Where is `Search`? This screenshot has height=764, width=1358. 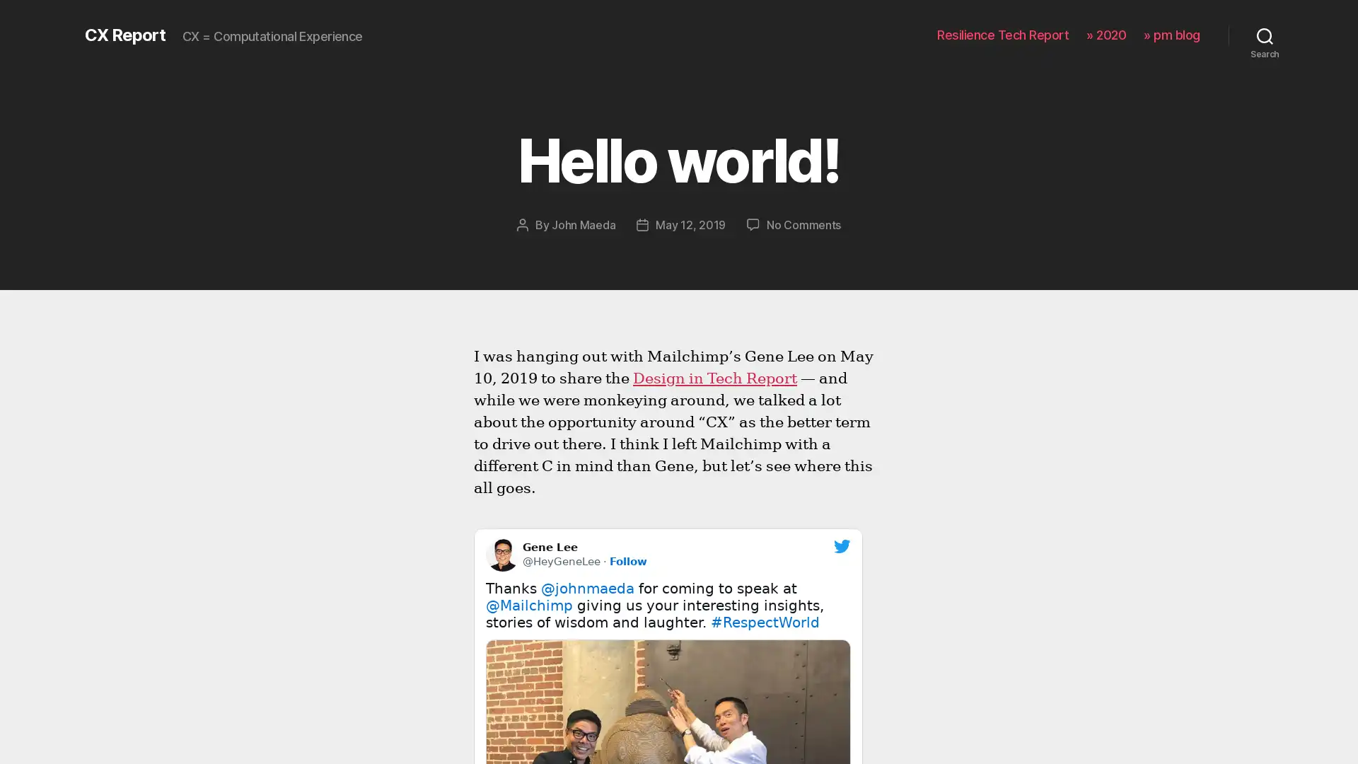
Search is located at coordinates (1265, 35).